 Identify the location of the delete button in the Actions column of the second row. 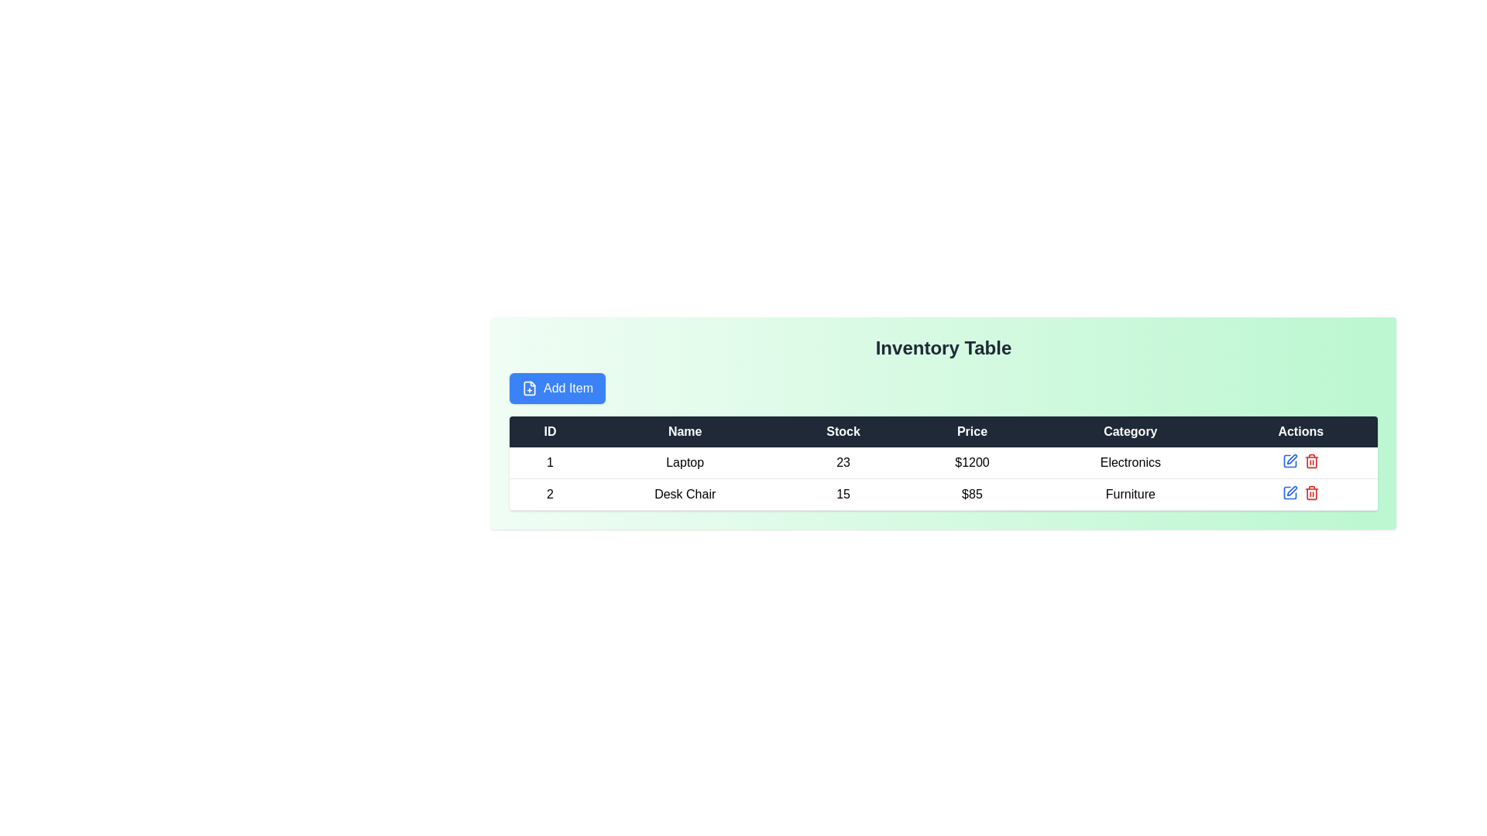
(1310, 492).